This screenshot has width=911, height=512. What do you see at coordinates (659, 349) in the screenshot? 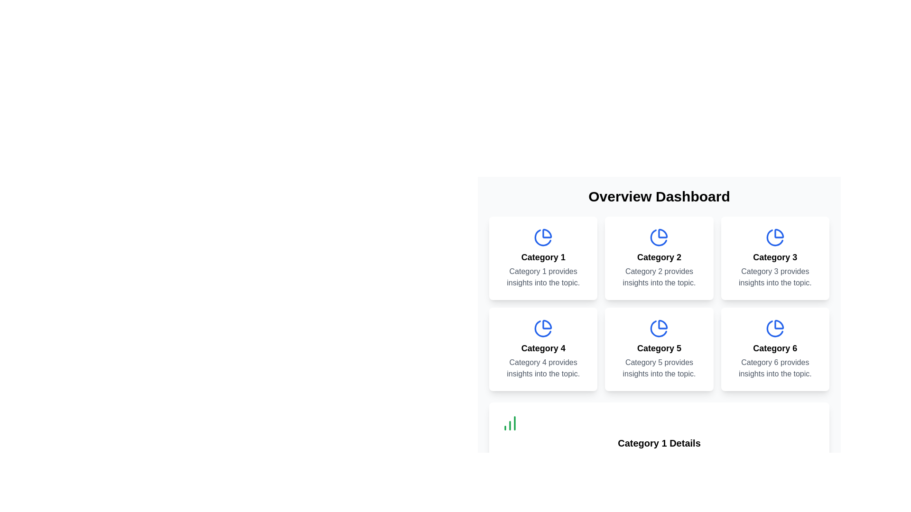
I see `the 'Category 5' card, which is located in the center column of the second row in a 3x2 grid layout` at bounding box center [659, 349].